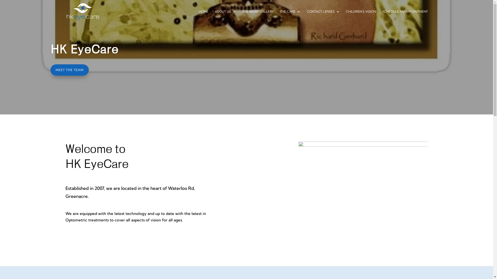  I want to click on 'SCHEDULE AN APPOINTMENT', so click(405, 16).